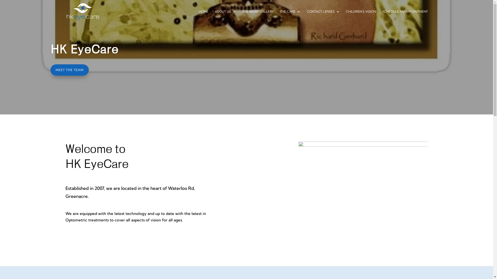  I want to click on 'SCHEDULE AN APPOINTMENT', so click(405, 16).